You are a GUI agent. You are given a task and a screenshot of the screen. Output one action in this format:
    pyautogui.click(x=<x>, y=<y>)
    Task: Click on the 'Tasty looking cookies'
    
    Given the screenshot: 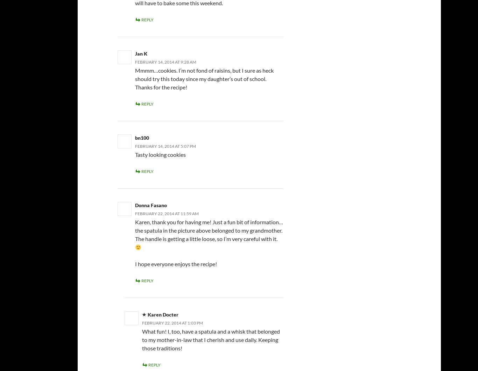 What is the action you would take?
    pyautogui.click(x=135, y=154)
    